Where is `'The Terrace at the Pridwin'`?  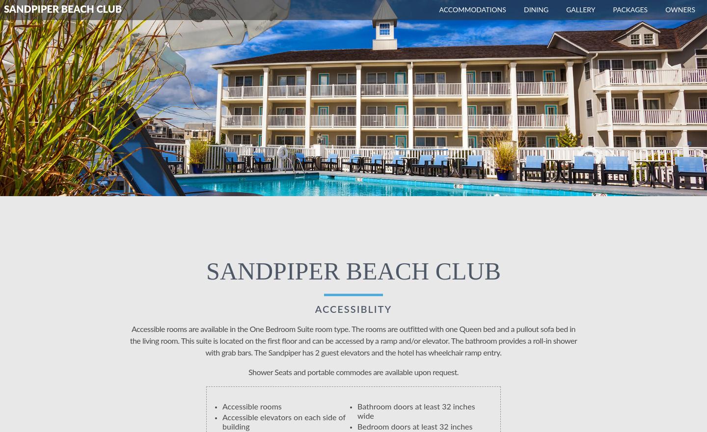
'The Terrace at the Pridwin' is located at coordinates (475, 19).